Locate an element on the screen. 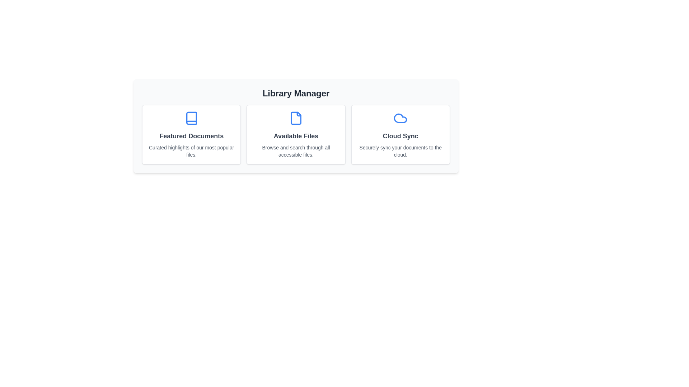  the section card for Featured Documents is located at coordinates (191, 134).